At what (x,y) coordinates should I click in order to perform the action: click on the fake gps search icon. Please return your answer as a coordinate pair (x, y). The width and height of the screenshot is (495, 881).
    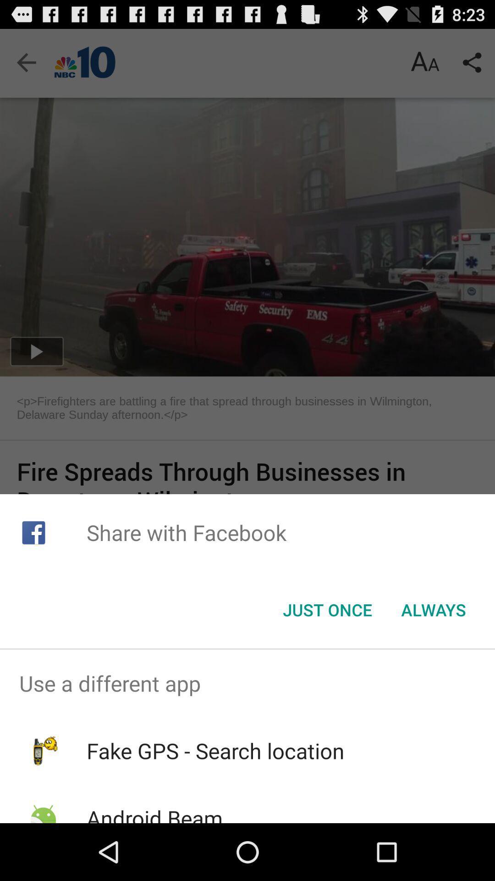
    Looking at the image, I should click on (215, 751).